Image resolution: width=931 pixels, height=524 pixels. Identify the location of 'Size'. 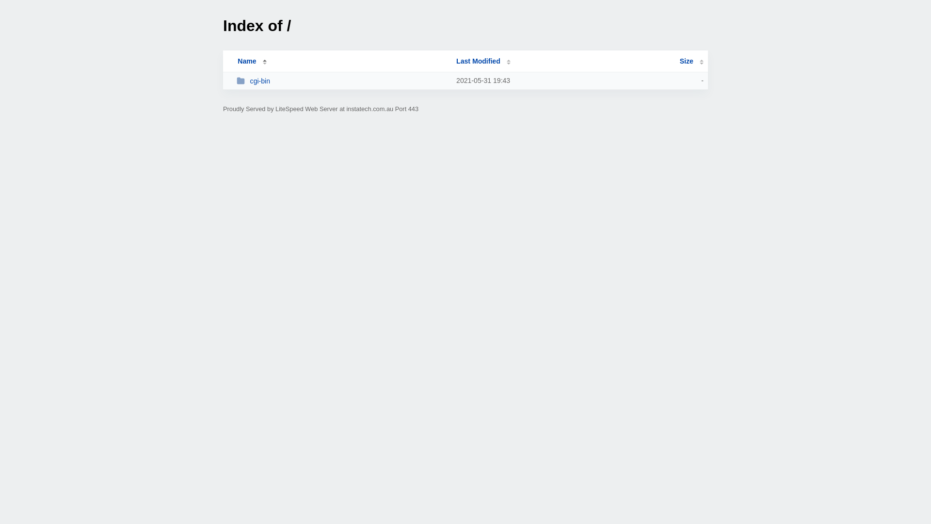
(679, 61).